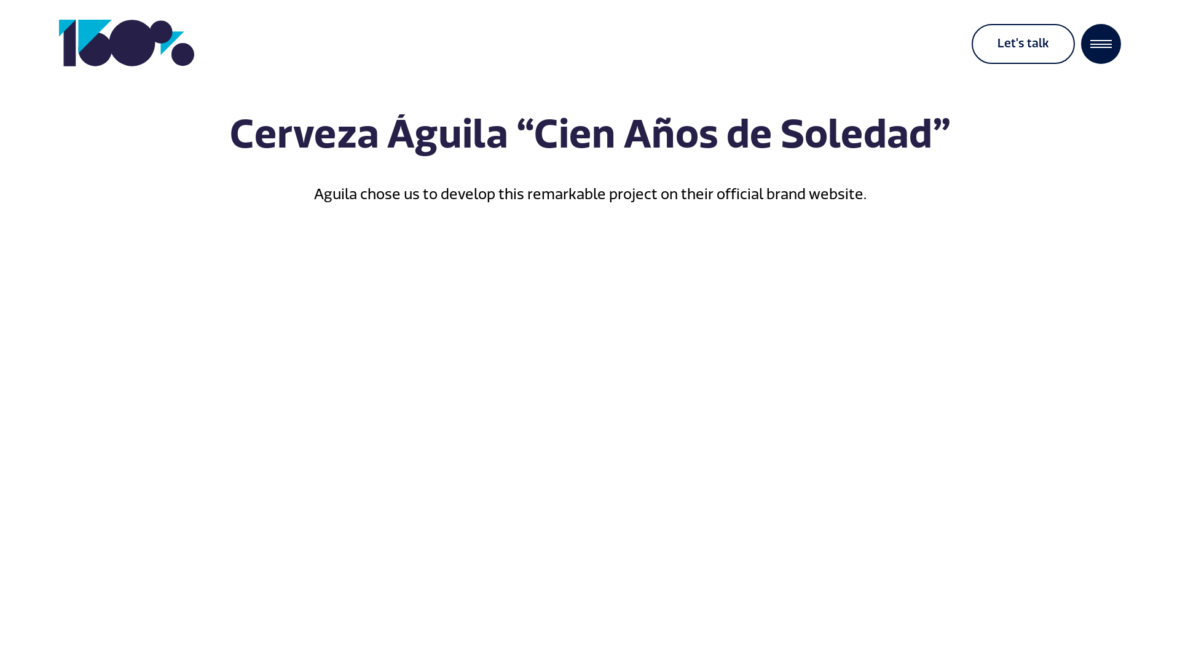  What do you see at coordinates (1023, 43) in the screenshot?
I see `'Let's talk'` at bounding box center [1023, 43].